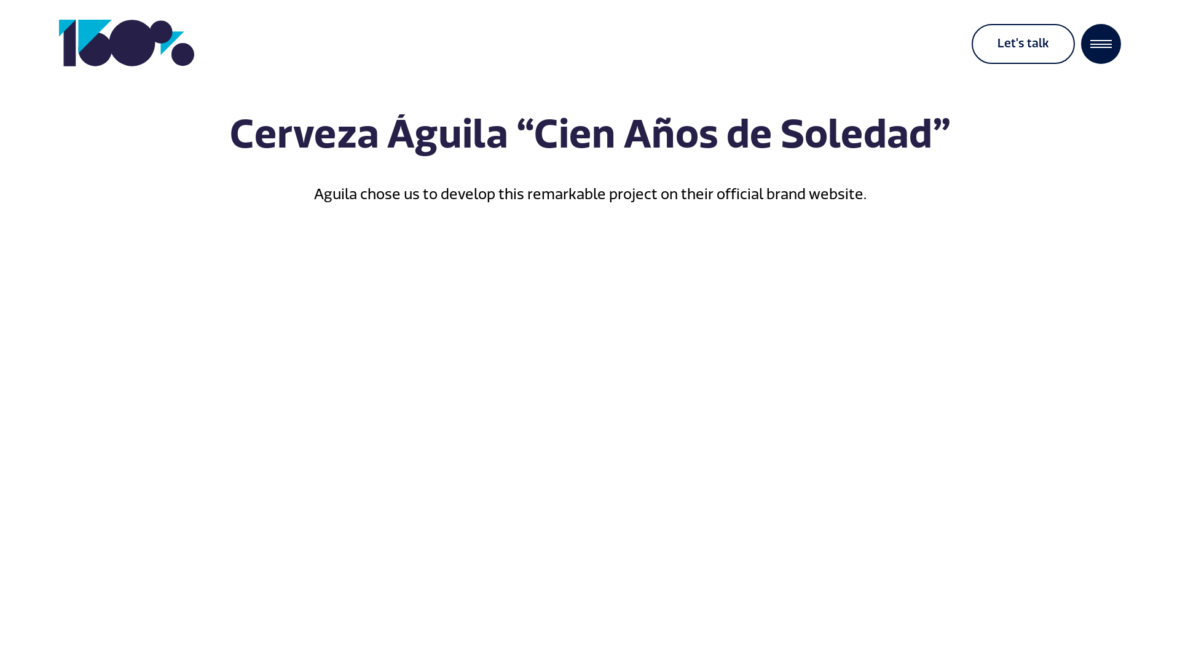  What do you see at coordinates (1023, 43) in the screenshot?
I see `'Let's talk'` at bounding box center [1023, 43].